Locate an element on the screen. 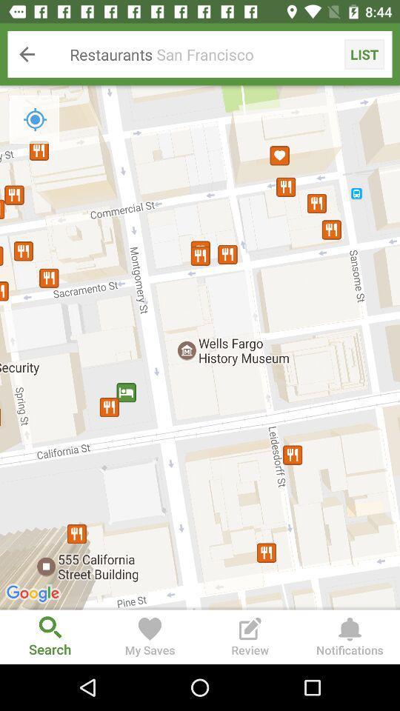  the location_crosshair icon is located at coordinates (35, 118).